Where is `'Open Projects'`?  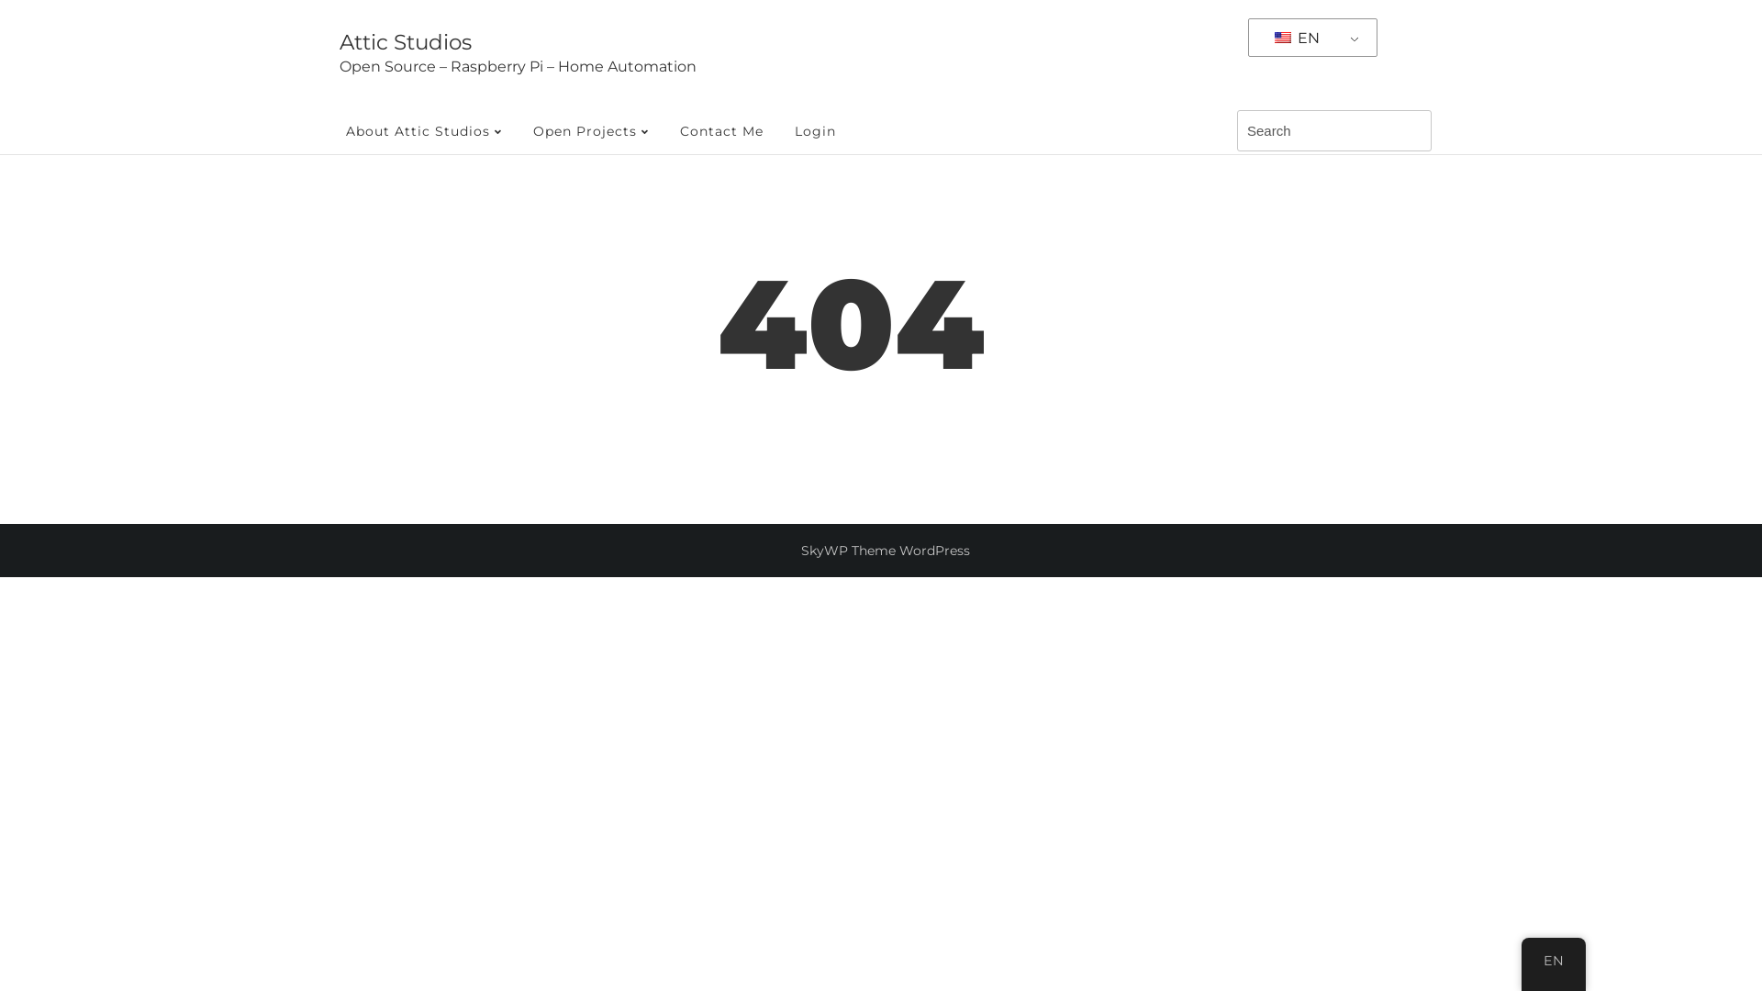
'Open Projects' is located at coordinates (590, 129).